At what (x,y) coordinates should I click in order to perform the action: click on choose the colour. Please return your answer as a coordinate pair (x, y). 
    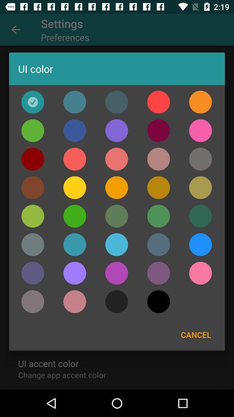
    Looking at the image, I should click on (75, 245).